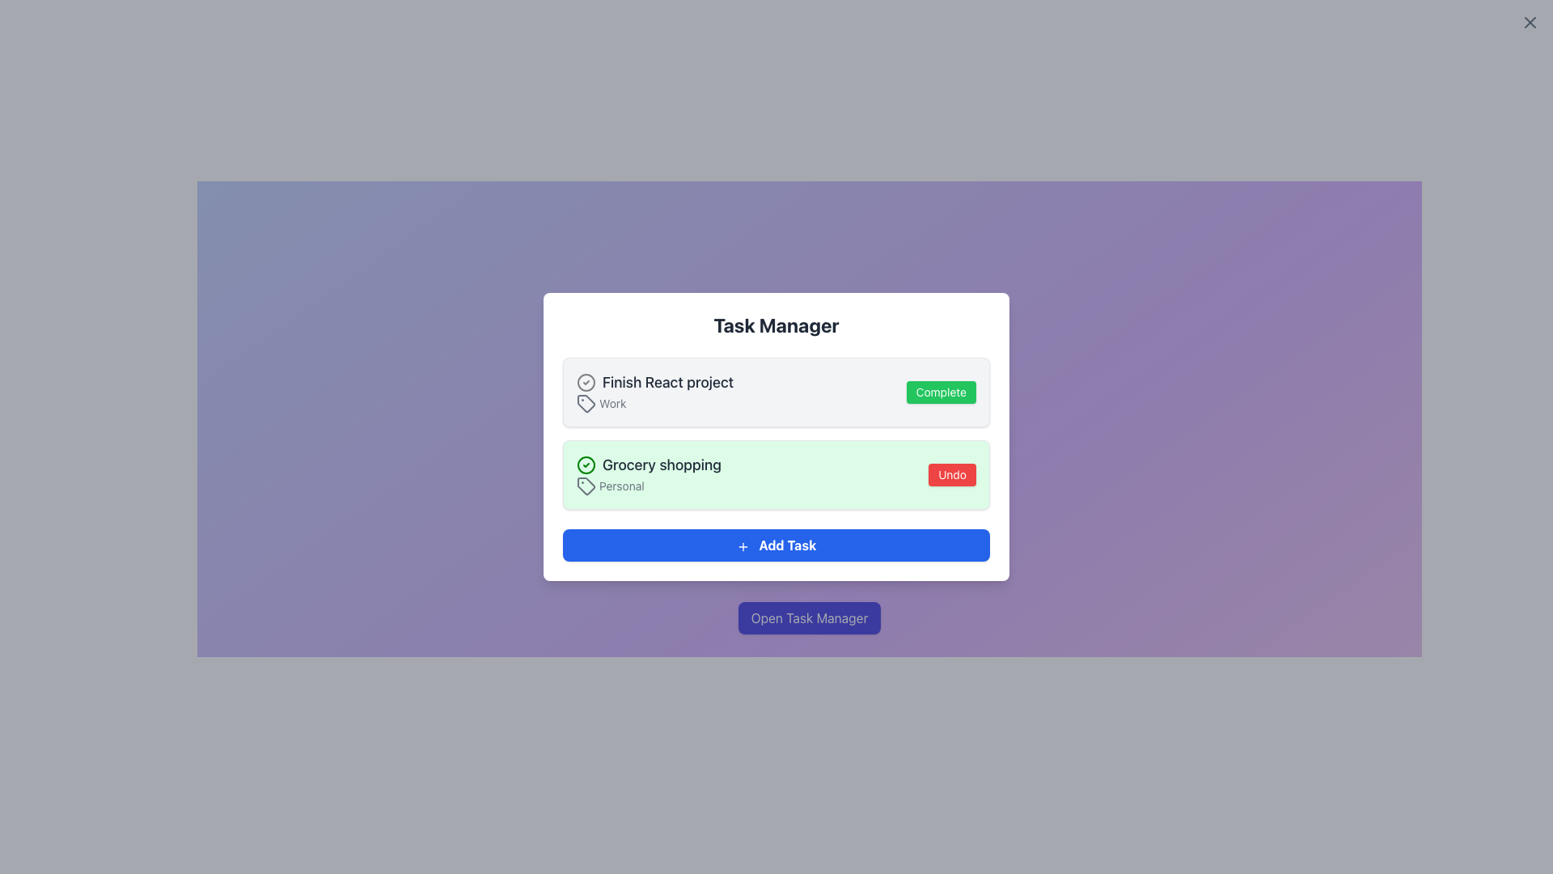 The image size is (1553, 874). Describe the element at coordinates (1529, 22) in the screenshot. I see `the close button located at the top-right corner of the 'Task Manager' interface` at that location.